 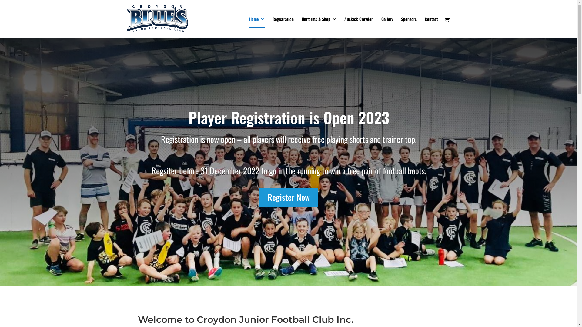 I want to click on 'Gallery', so click(x=387, y=28).